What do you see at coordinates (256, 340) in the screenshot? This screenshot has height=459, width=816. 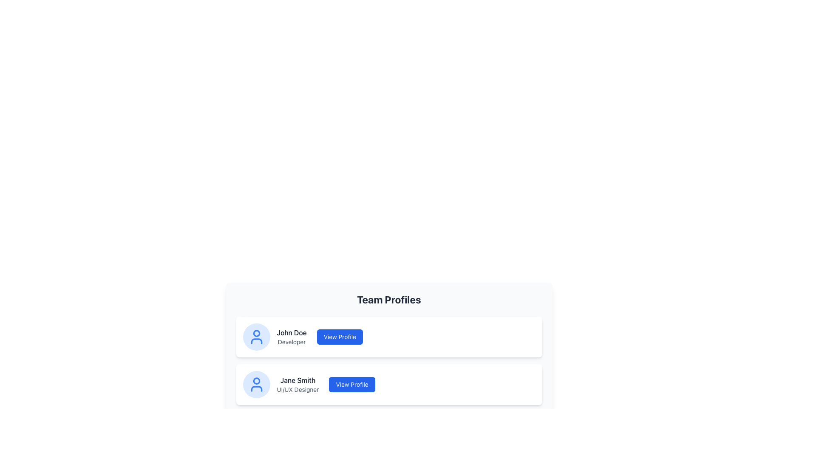 I see `the icon representing the shoulders and chest area of the user profile for 'John Doe' located in the blue circular icon within the first profile card under 'Team Profiles'` at bounding box center [256, 340].